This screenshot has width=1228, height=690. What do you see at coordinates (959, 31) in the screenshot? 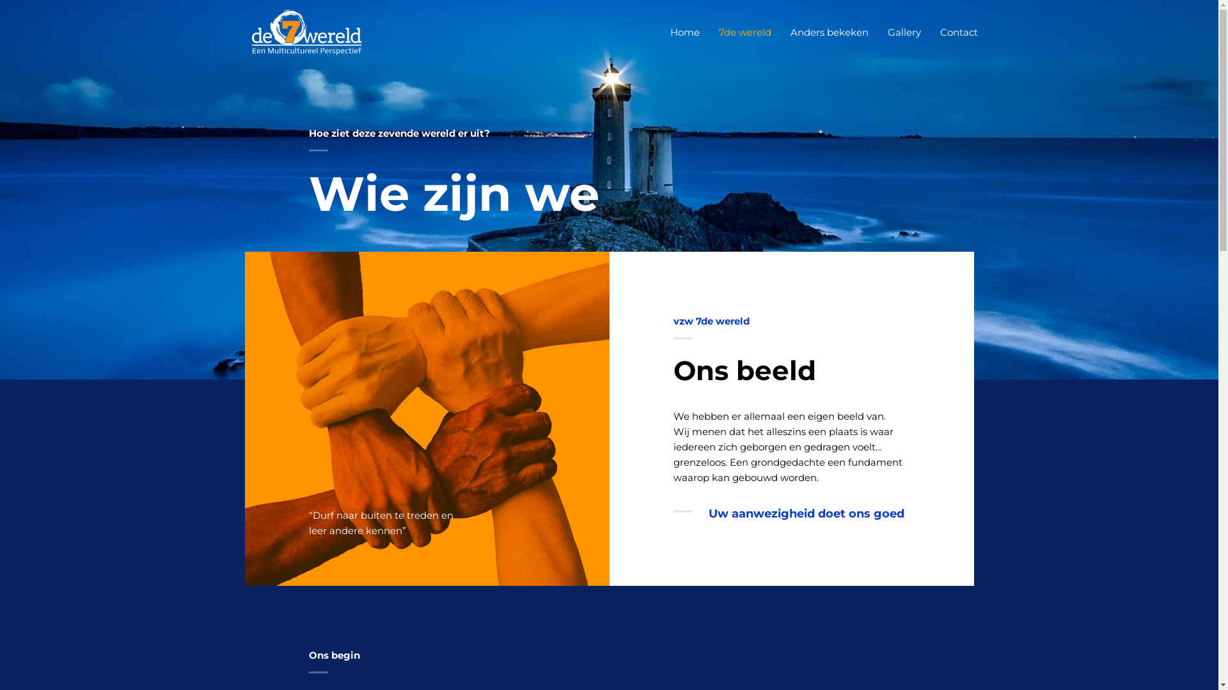
I see `'Contact'` at bounding box center [959, 31].